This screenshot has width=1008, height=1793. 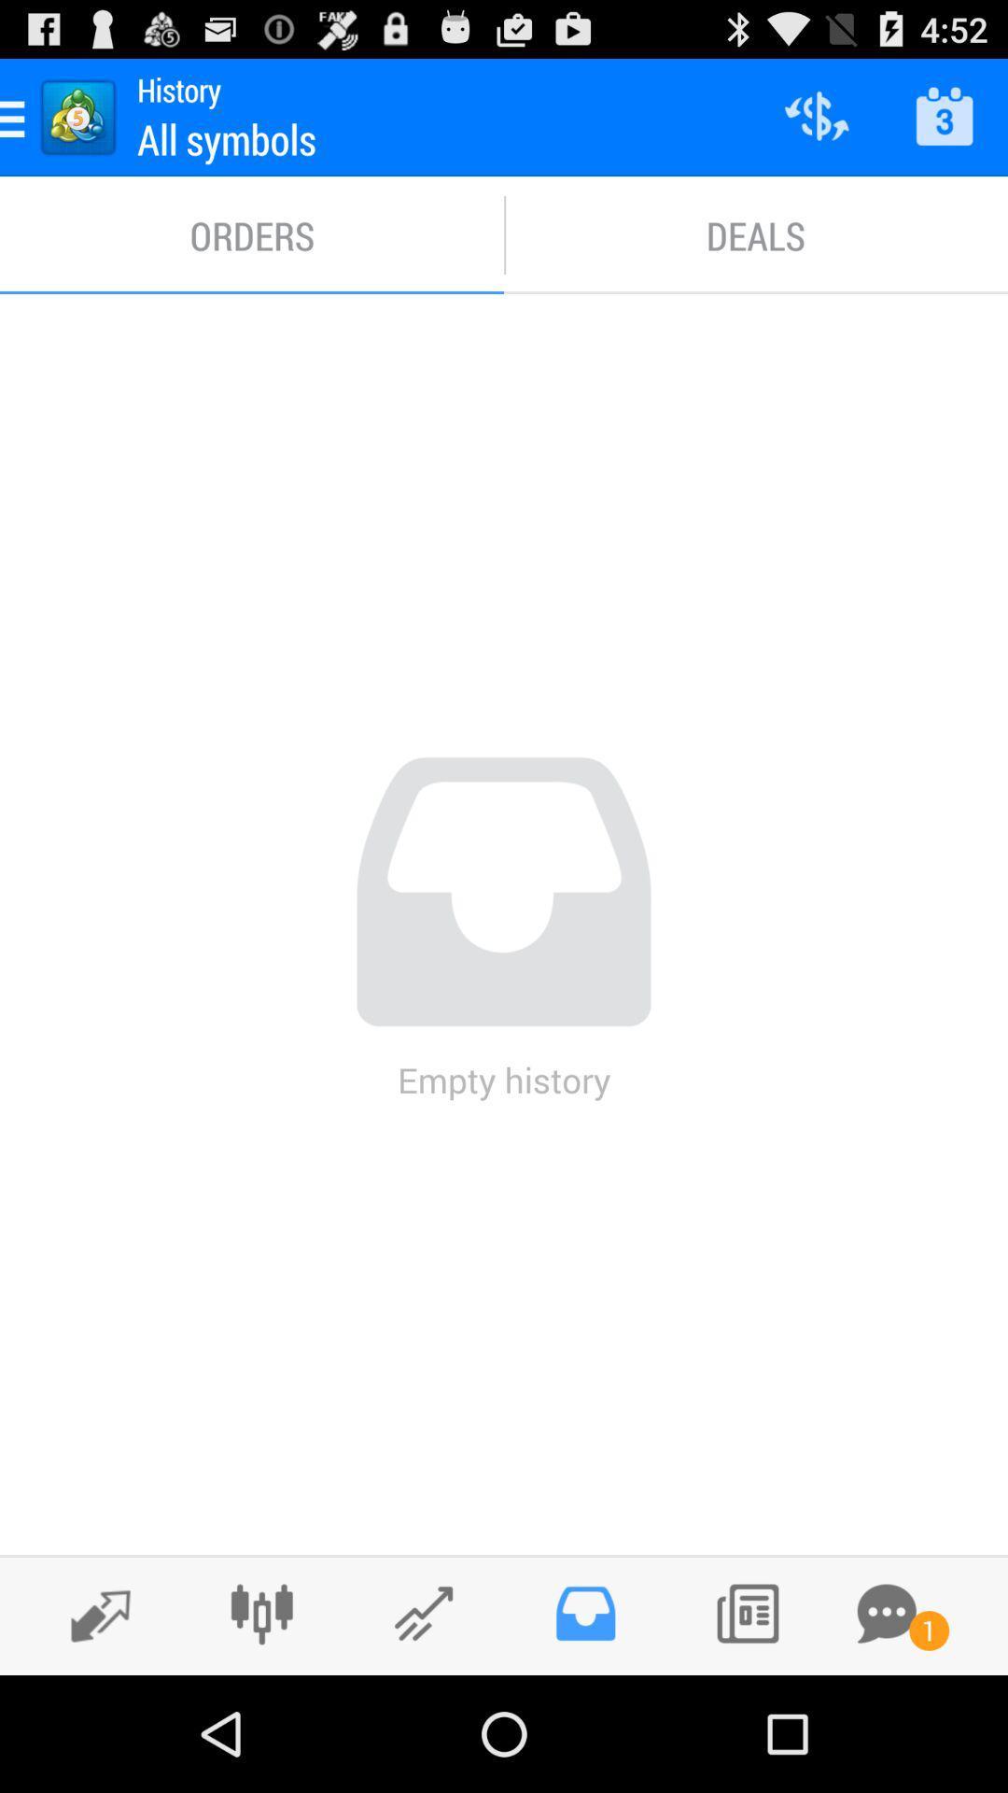 What do you see at coordinates (756, 234) in the screenshot?
I see `item next to the orders icon` at bounding box center [756, 234].